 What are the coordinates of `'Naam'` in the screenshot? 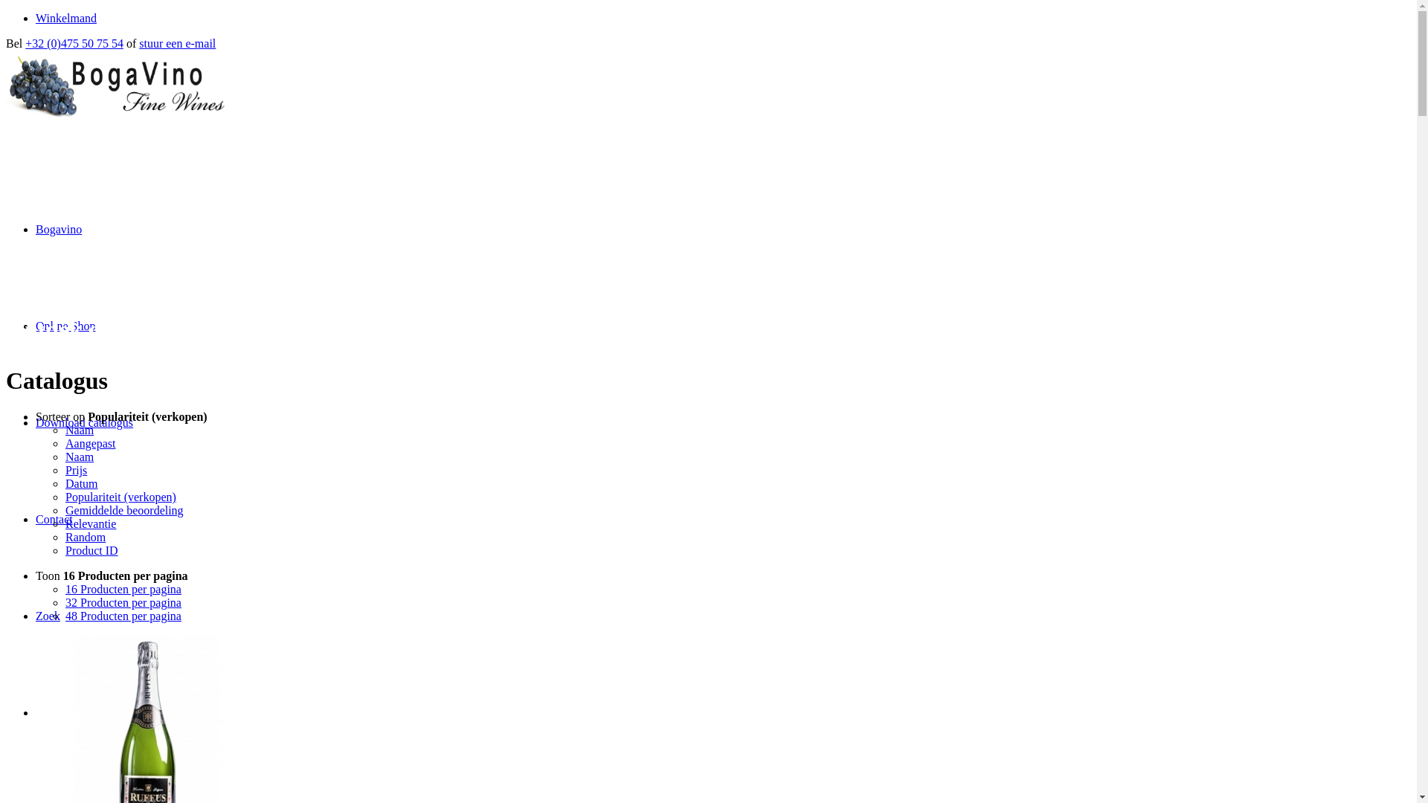 It's located at (64, 456).